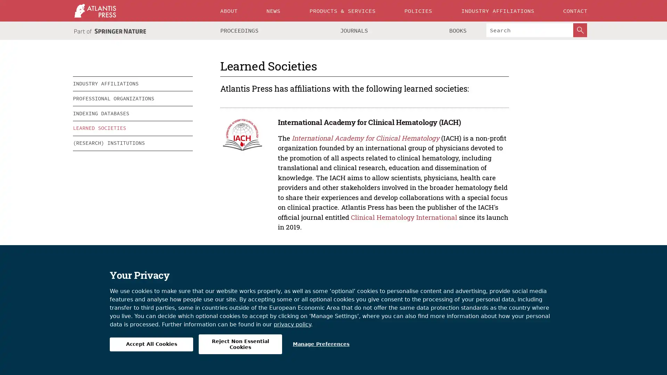 This screenshot has height=375, width=667. Describe the element at coordinates (321, 344) in the screenshot. I see `Manage Preferences` at that location.